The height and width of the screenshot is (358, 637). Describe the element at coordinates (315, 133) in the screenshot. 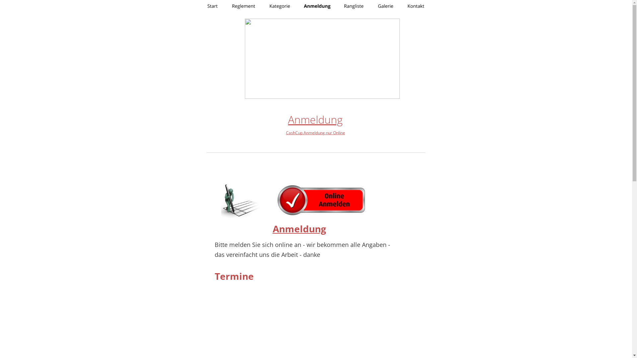

I see `'CashCup Anmeldung nur Online'` at that location.